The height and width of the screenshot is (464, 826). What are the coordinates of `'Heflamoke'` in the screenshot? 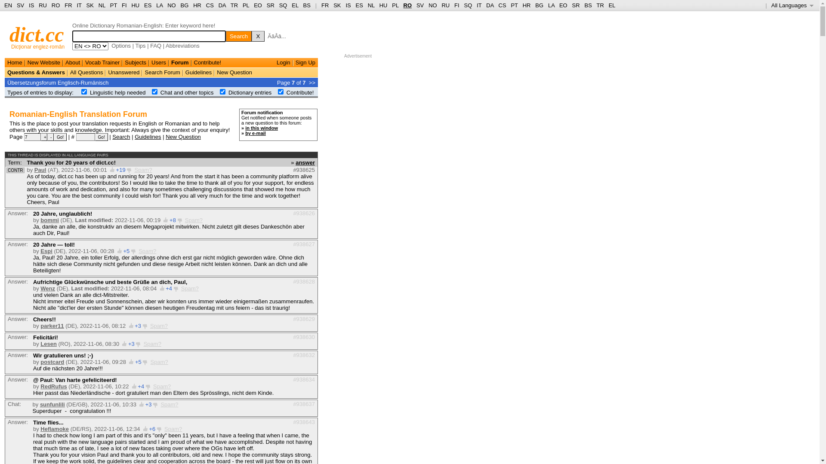 It's located at (40, 429).